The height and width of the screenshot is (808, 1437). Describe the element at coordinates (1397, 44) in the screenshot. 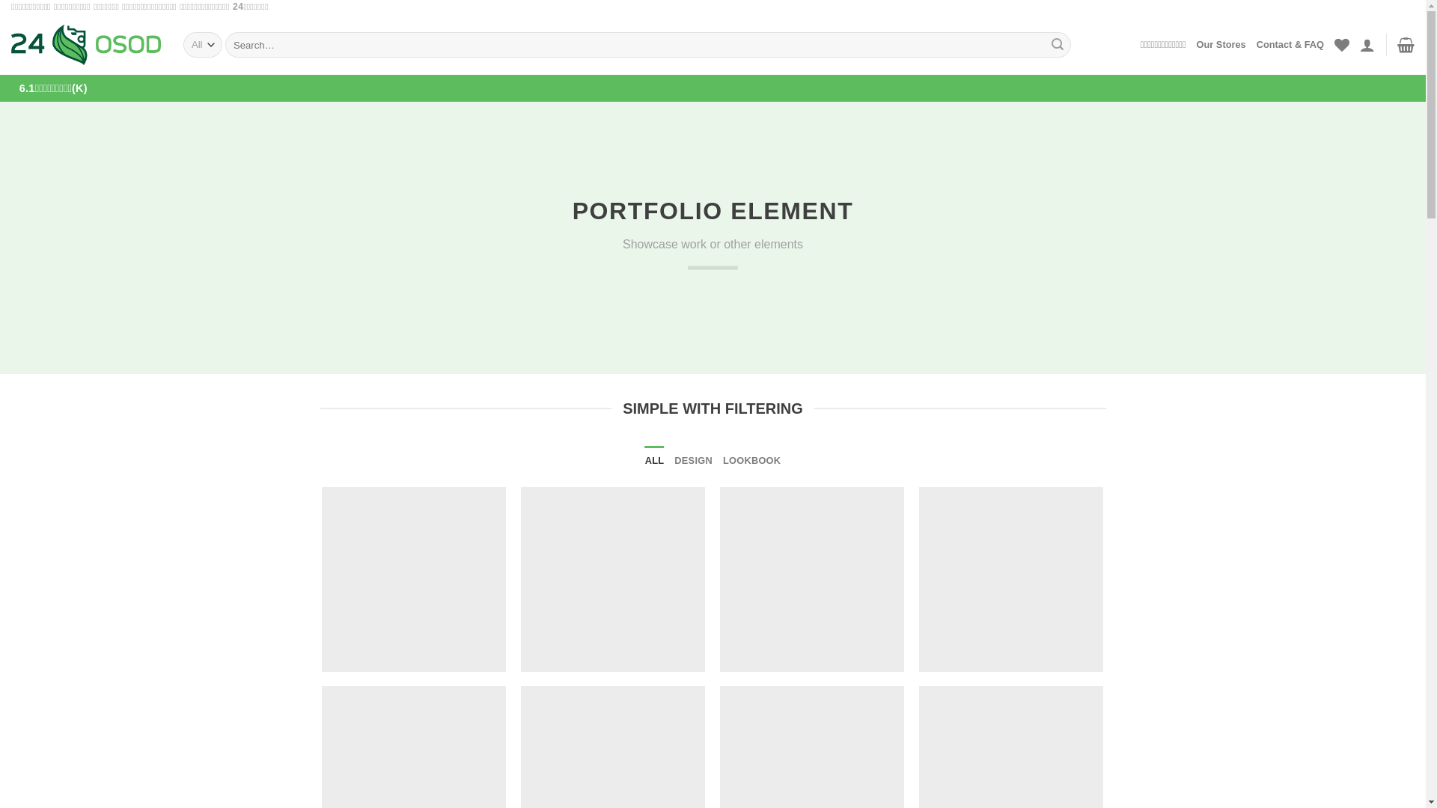

I see `'Cart'` at that location.